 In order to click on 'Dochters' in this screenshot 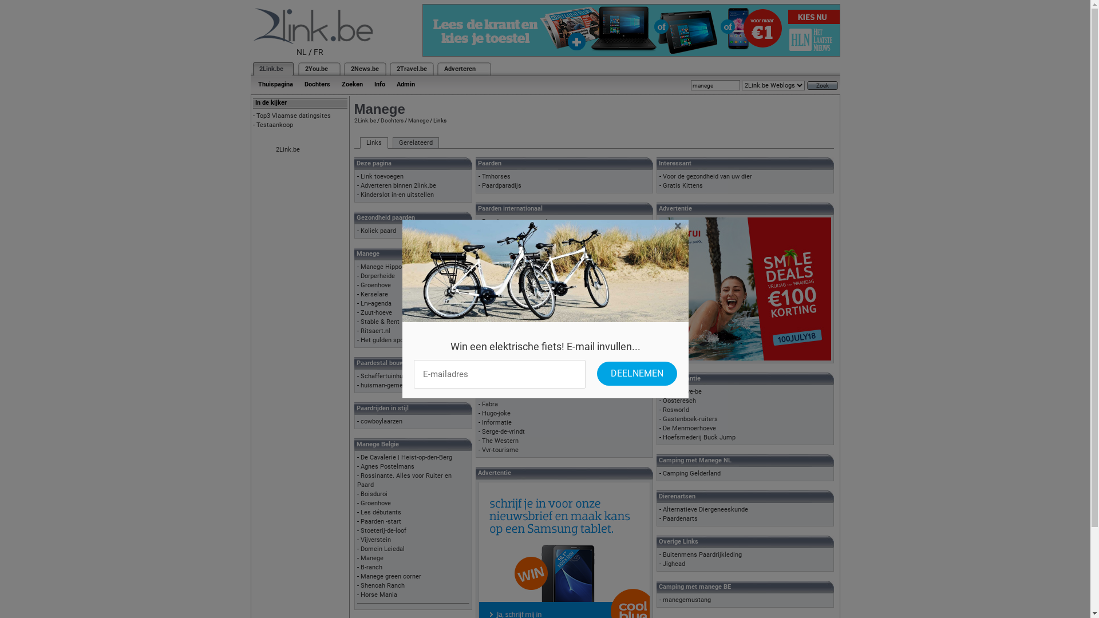, I will do `click(299, 84)`.